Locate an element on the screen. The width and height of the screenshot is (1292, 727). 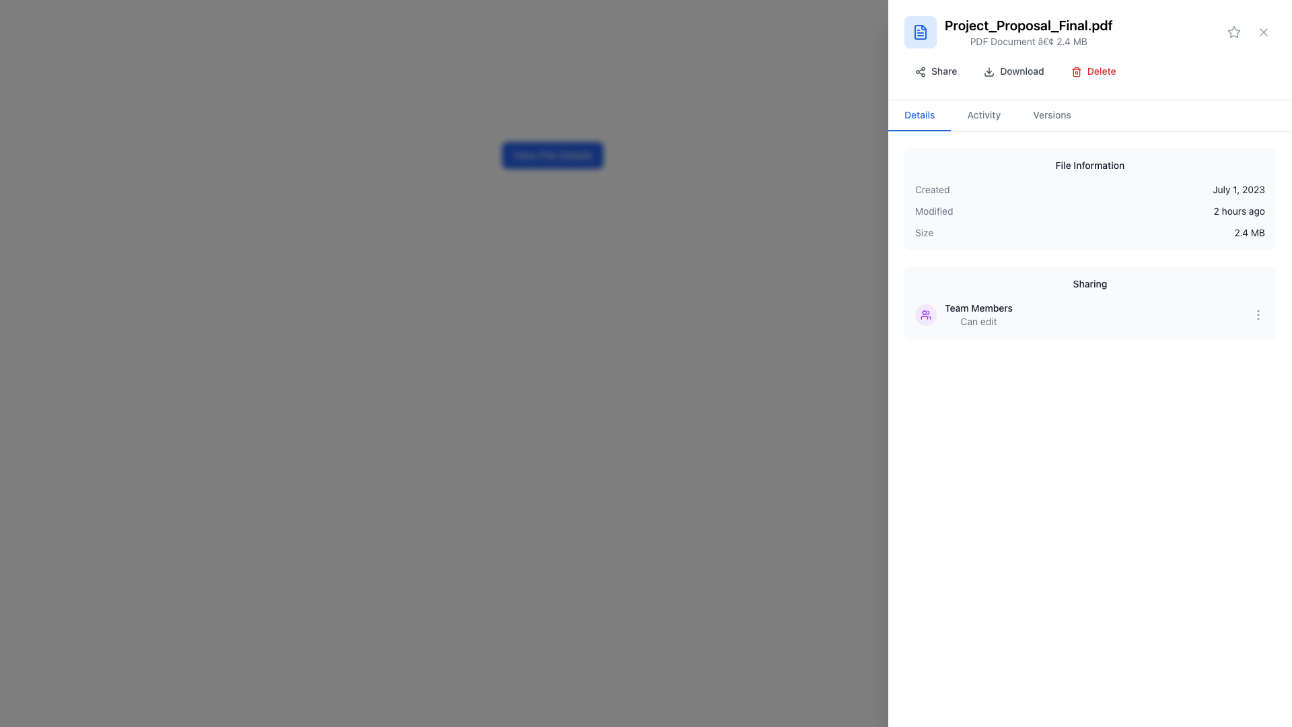
the 'Team Members' label with a purple circular icon and text indicating 'Can edit', located in the 'Sharing' section is located at coordinates (963, 314).